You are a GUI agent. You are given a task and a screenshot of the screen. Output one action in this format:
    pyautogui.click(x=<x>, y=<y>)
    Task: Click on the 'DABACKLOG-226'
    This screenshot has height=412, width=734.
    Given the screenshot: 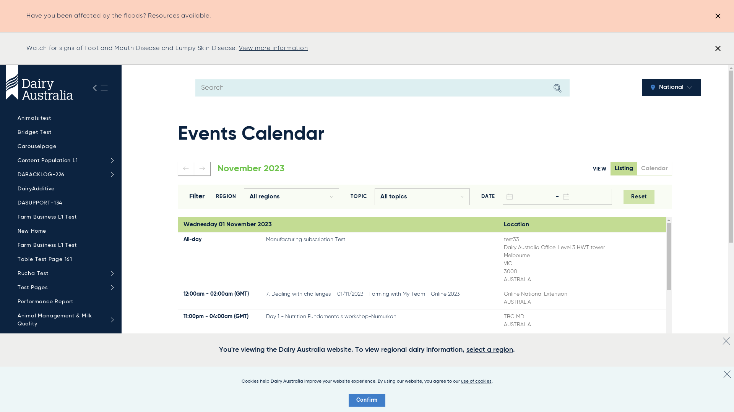 What is the action you would take?
    pyautogui.click(x=64, y=175)
    